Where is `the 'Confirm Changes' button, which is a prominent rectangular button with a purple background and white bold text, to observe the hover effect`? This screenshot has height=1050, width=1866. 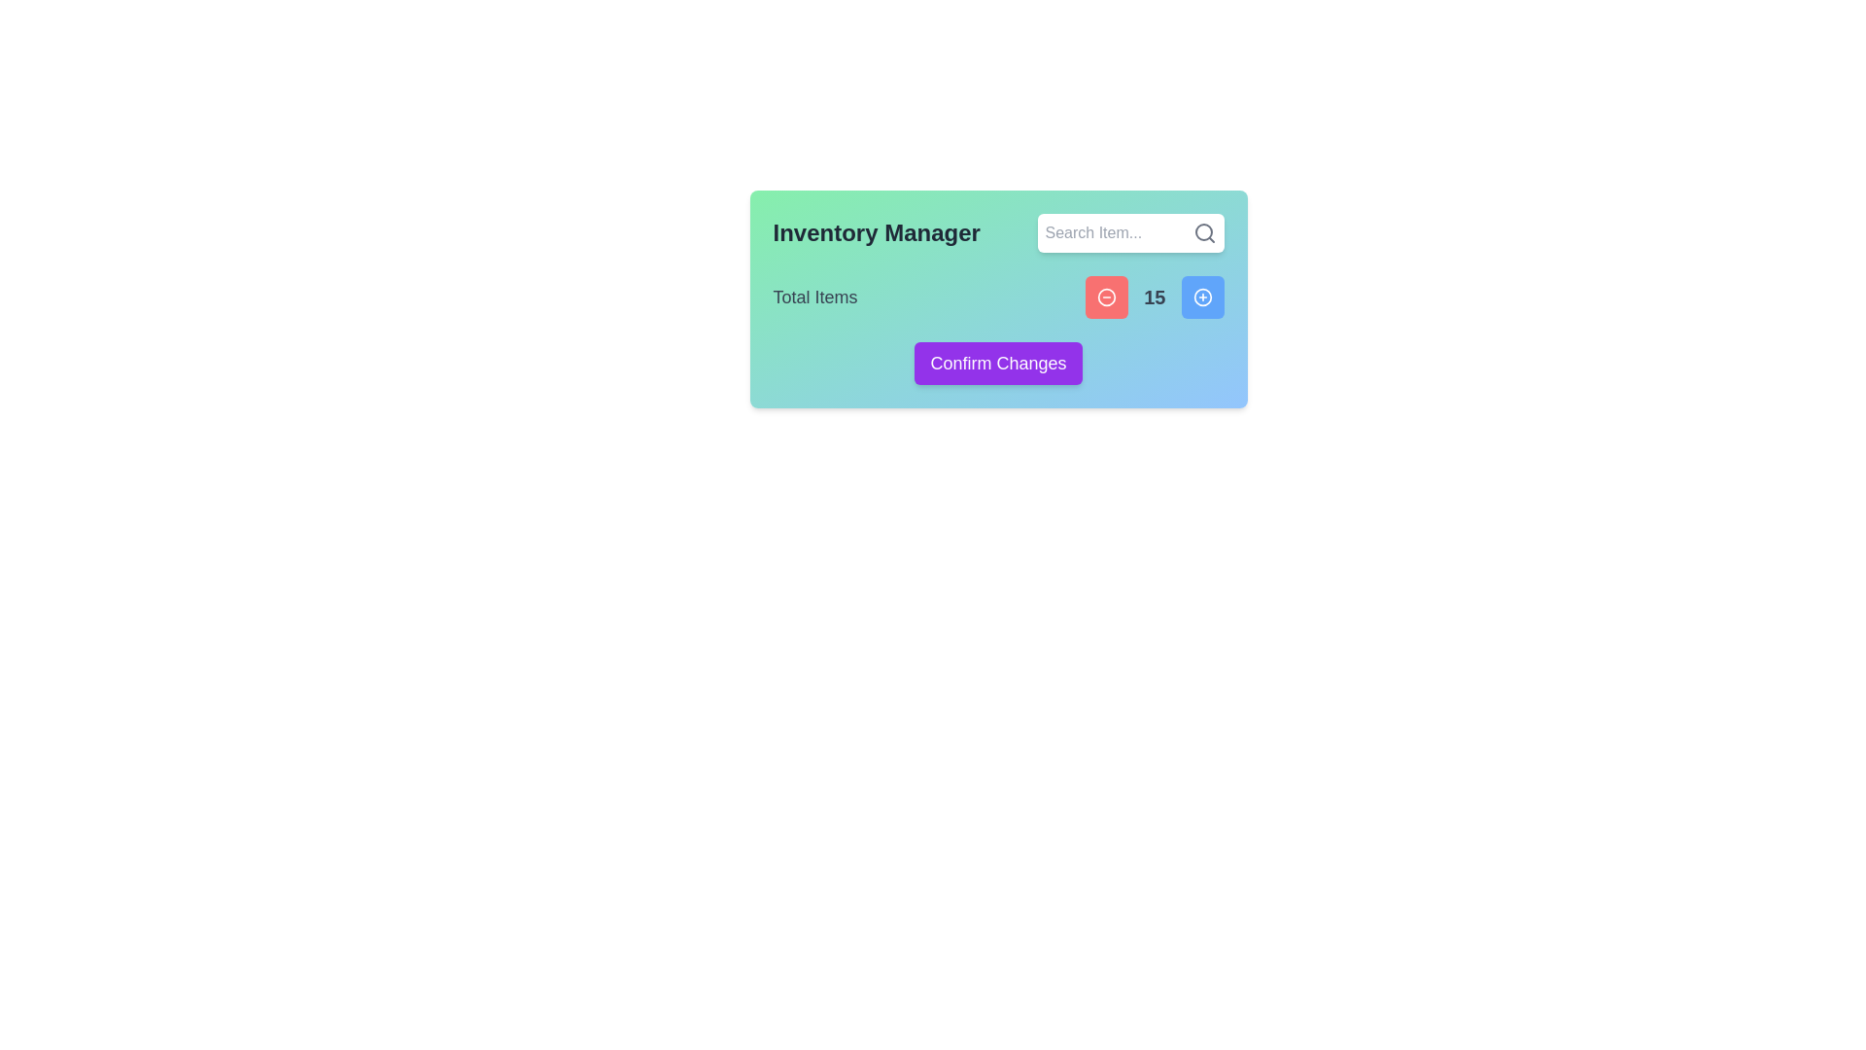 the 'Confirm Changes' button, which is a prominent rectangular button with a purple background and white bold text, to observe the hover effect is located at coordinates (998, 364).